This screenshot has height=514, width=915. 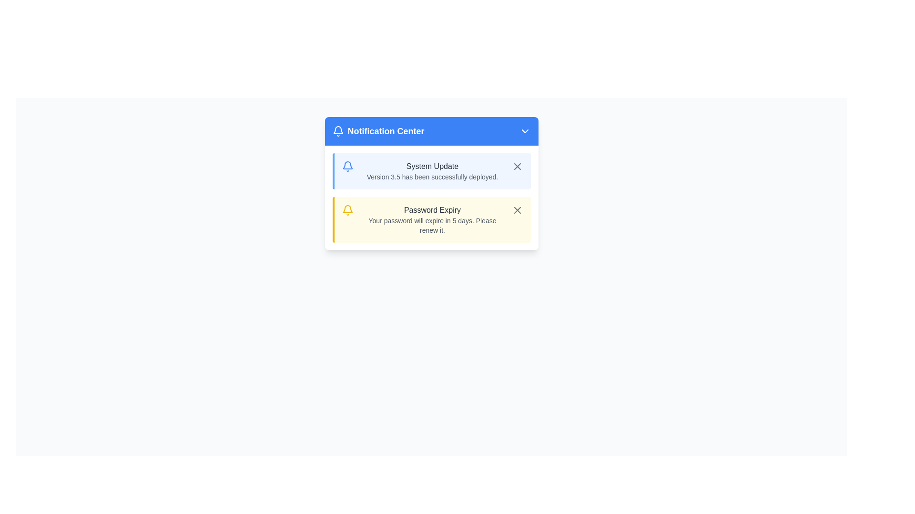 What do you see at coordinates (432, 170) in the screenshot?
I see `the text block displaying 'System Update' with the description 'Version 3.5 has been successfully deployed.' in the notification center` at bounding box center [432, 170].